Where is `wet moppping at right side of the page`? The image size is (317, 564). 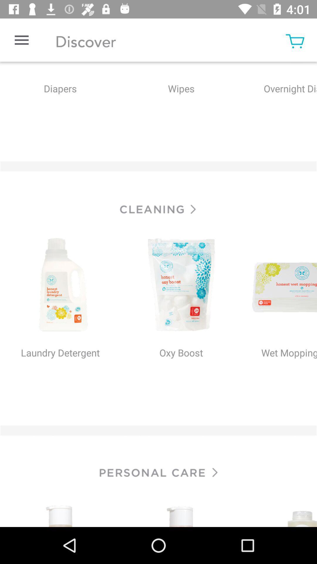 wet moppping at right side of the page is located at coordinates (281, 365).